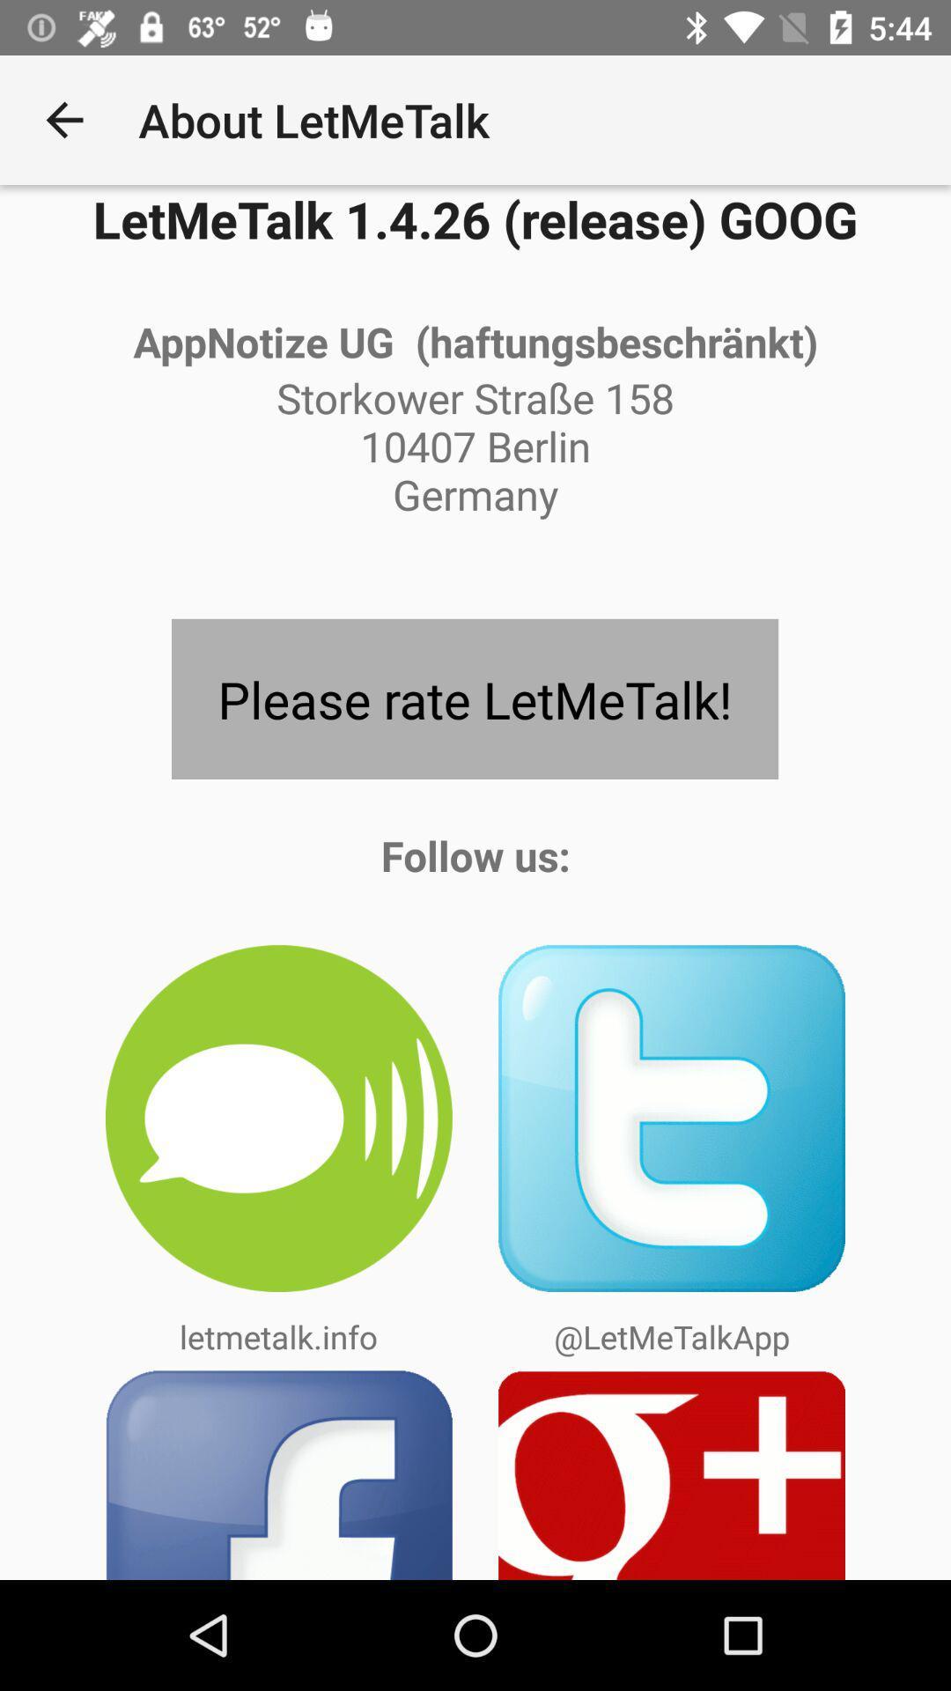  What do you see at coordinates (277, 1474) in the screenshot?
I see `the app below the letmetalk.info icon` at bounding box center [277, 1474].